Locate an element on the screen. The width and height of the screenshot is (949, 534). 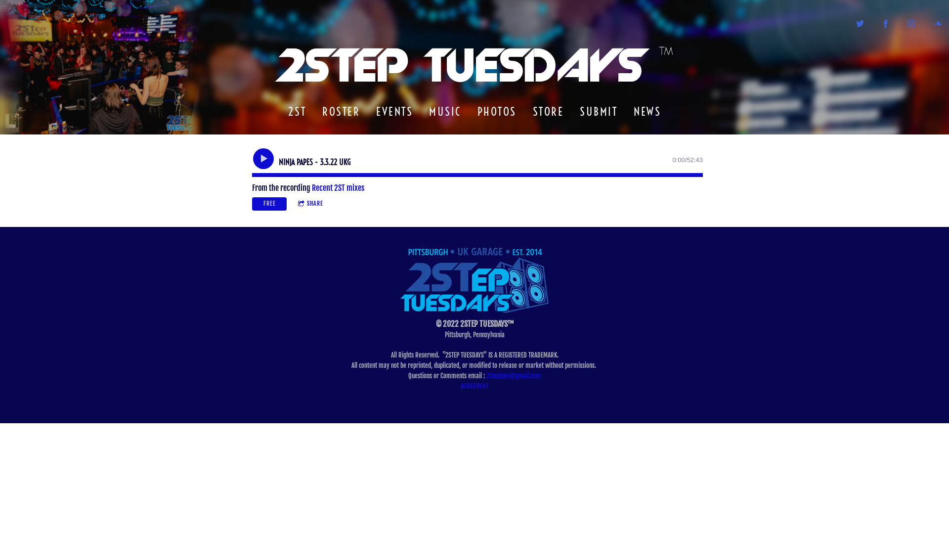
'2ST' is located at coordinates (296, 111).